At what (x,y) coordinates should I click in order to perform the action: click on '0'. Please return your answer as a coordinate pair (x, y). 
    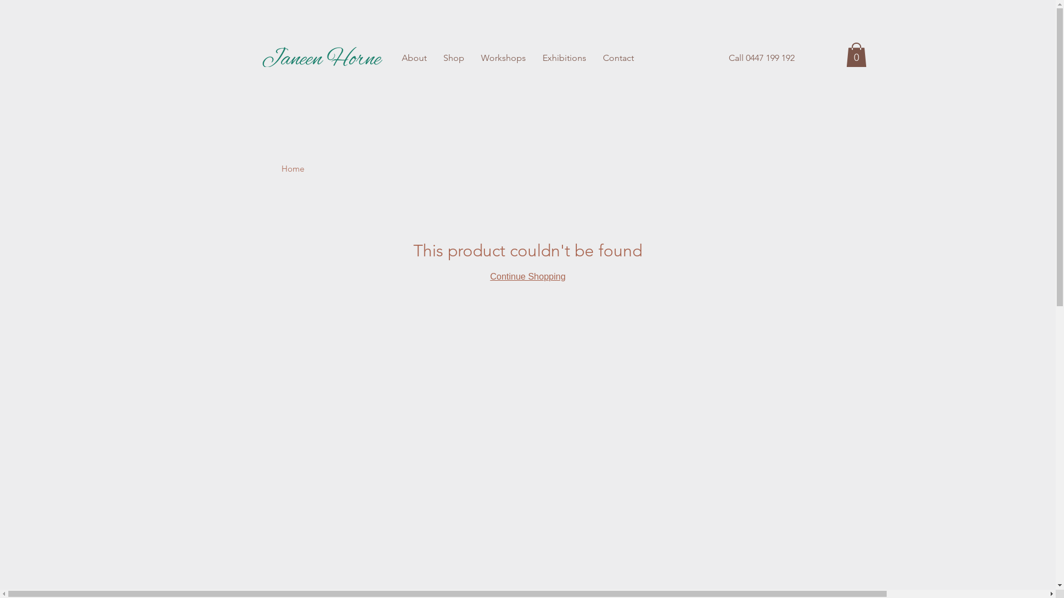
    Looking at the image, I should click on (855, 55).